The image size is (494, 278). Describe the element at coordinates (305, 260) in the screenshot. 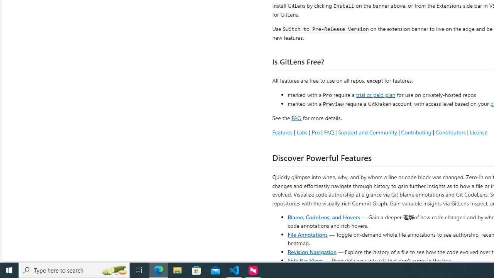

I see `'Side Bar Views'` at that location.